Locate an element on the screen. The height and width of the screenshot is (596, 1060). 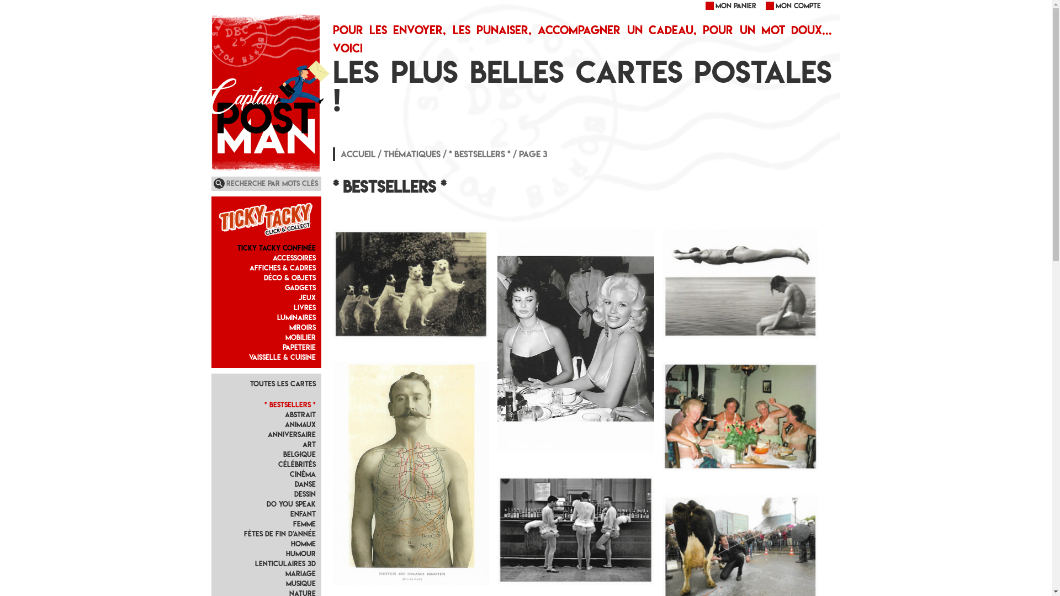
'Luminaires' is located at coordinates (296, 317).